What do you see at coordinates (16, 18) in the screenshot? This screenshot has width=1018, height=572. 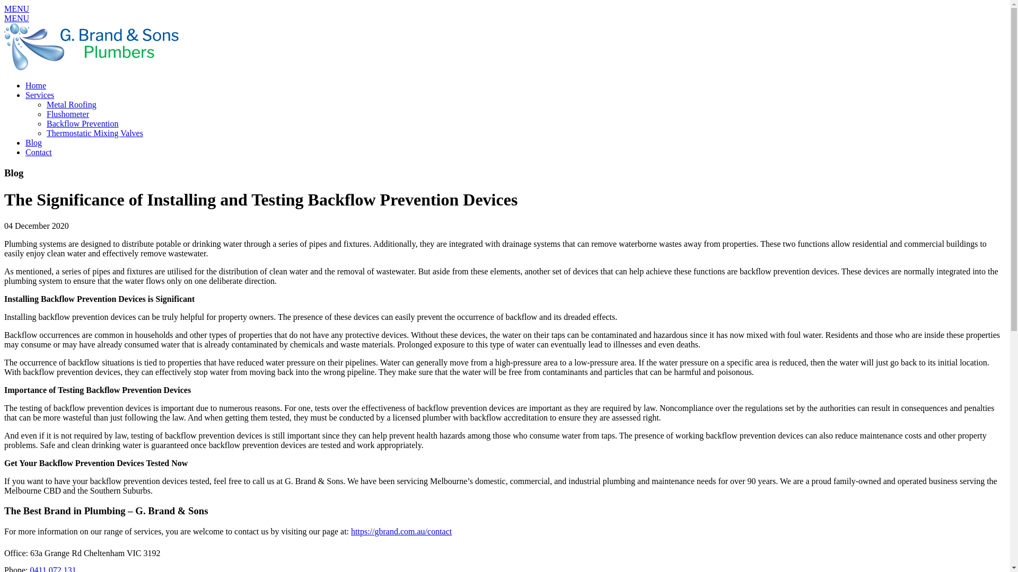 I see `'MENU'` at bounding box center [16, 18].